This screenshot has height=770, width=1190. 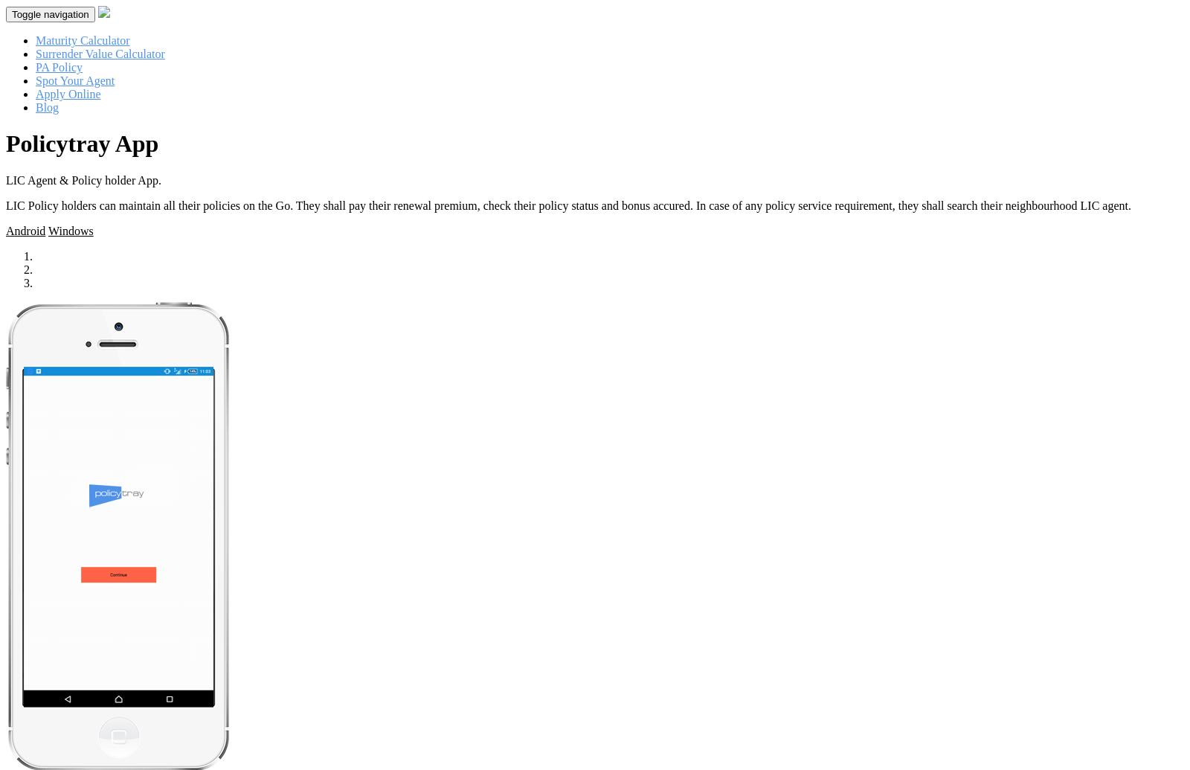 I want to click on 'Maturity Calculator', so click(x=82, y=40).